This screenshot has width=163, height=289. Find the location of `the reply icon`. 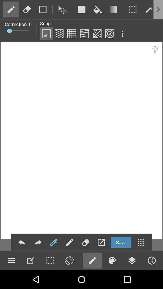

the reply icon is located at coordinates (22, 242).